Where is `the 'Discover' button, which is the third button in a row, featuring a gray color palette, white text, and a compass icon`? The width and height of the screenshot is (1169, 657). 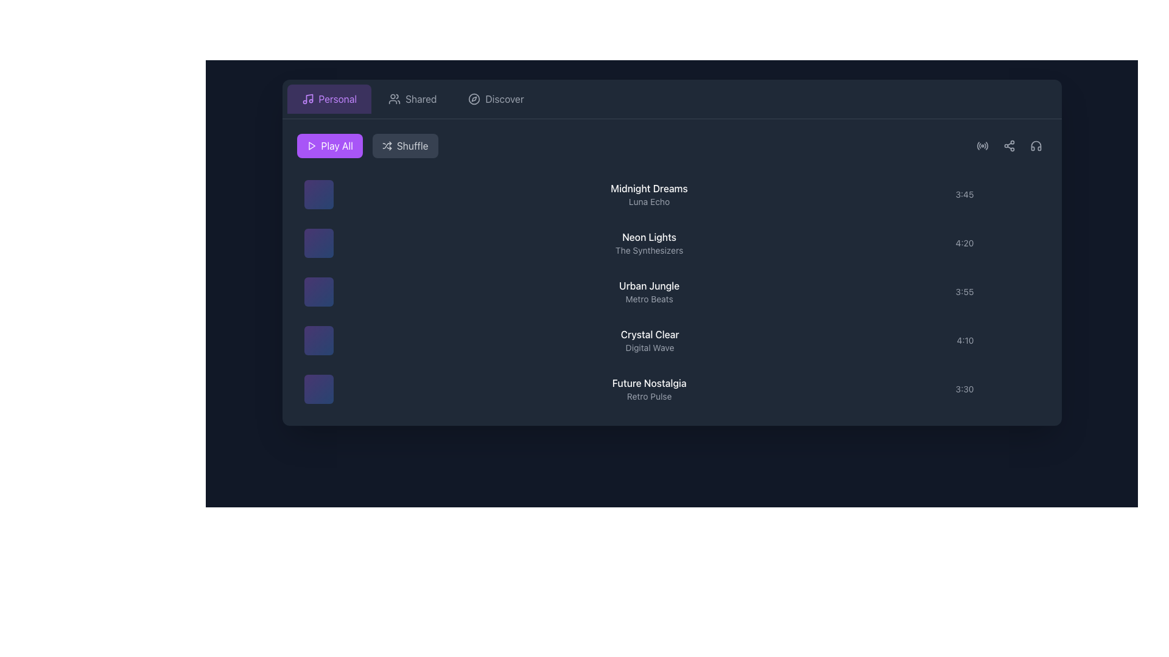
the 'Discover' button, which is the third button in a row, featuring a gray color palette, white text, and a compass icon is located at coordinates (496, 98).